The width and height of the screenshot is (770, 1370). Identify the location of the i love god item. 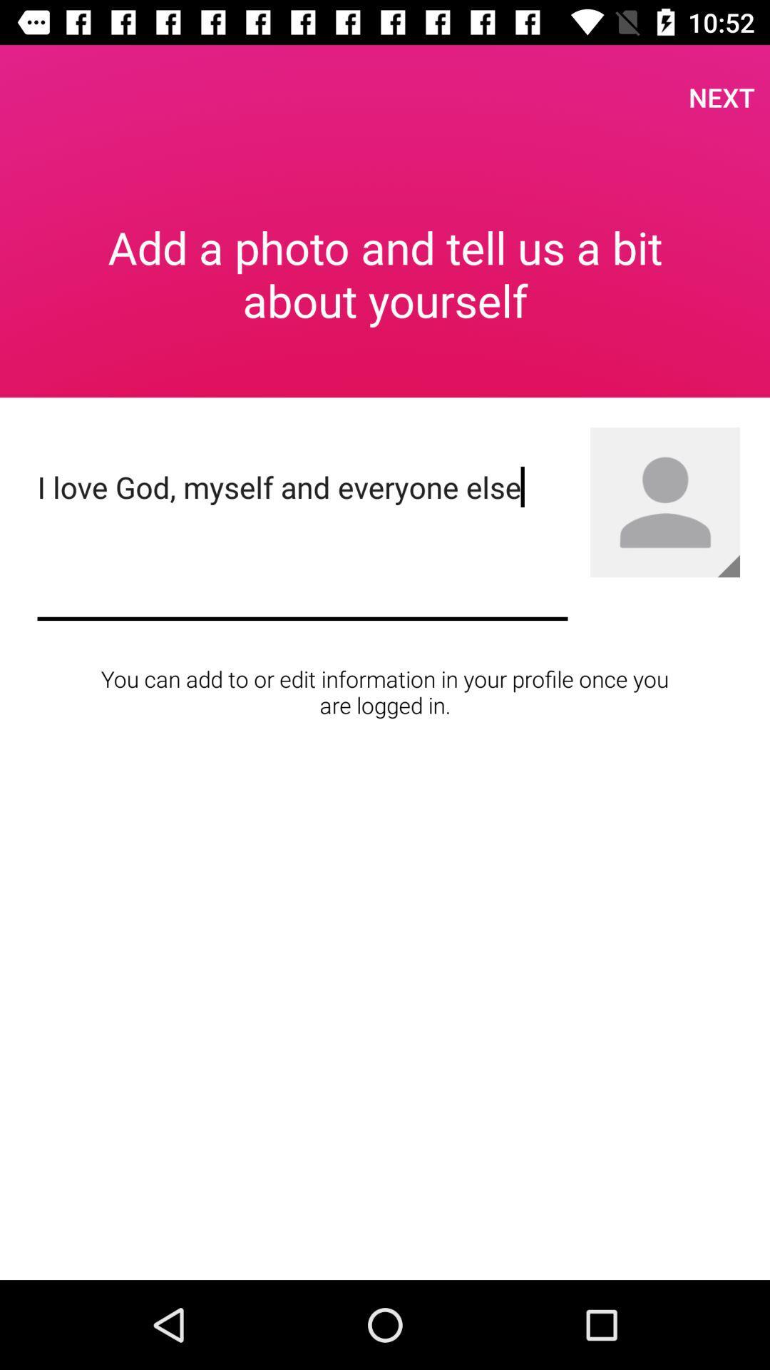
(302, 539).